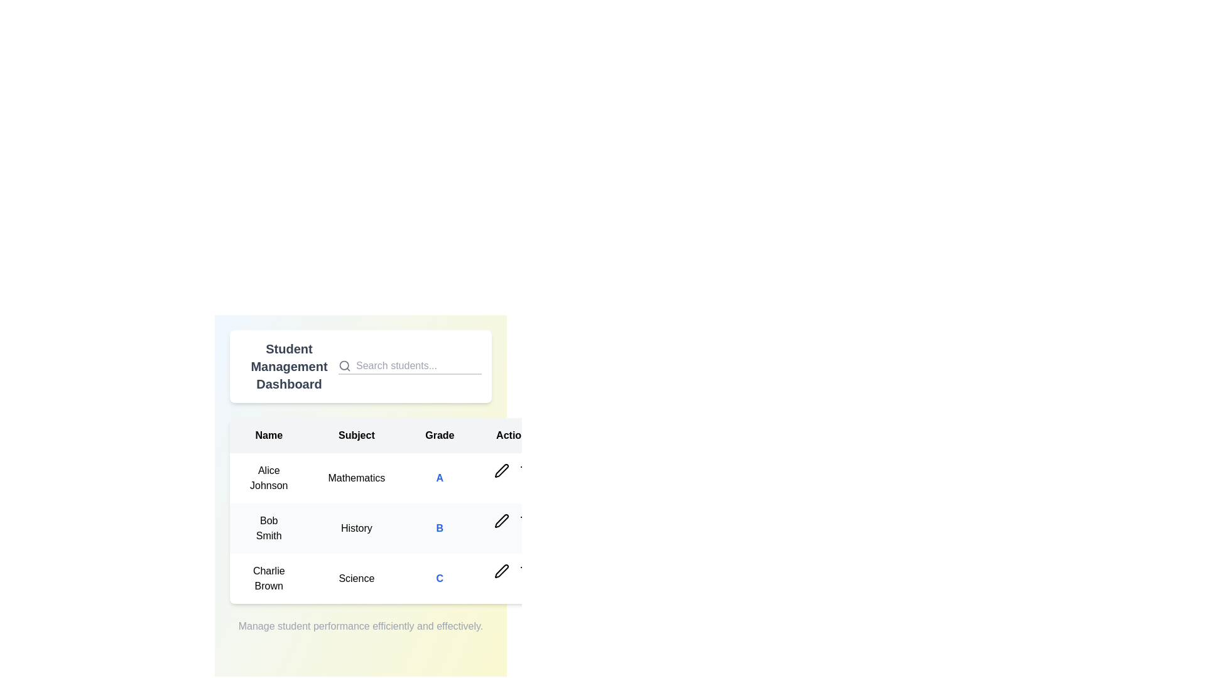 The image size is (1206, 678). What do you see at coordinates (440, 478) in the screenshot?
I see `the bold, blue-colored letter 'A' in the table cell under the 'Grade' column, which is center-aligned and styled with a larger font size, located in the first row of the table` at bounding box center [440, 478].